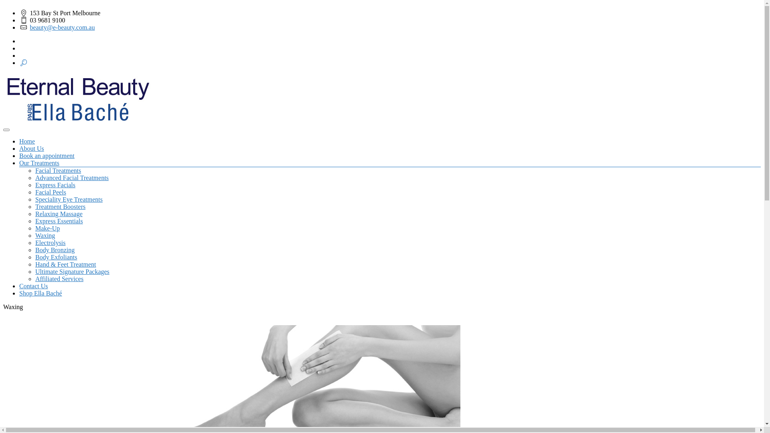 This screenshot has height=433, width=770. Describe the element at coordinates (61, 27) in the screenshot. I see `'beauty@e-beauty.com.au'` at that location.